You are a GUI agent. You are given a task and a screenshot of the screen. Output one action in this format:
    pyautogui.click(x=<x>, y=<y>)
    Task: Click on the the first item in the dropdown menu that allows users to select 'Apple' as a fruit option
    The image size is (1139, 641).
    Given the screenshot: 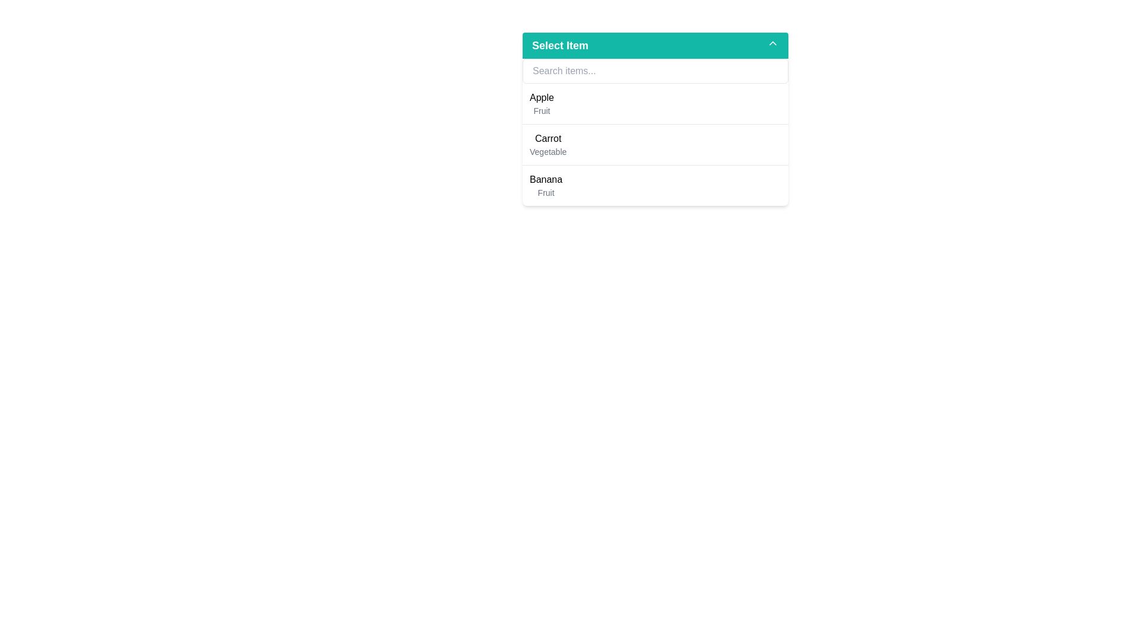 What is the action you would take?
    pyautogui.click(x=541, y=103)
    